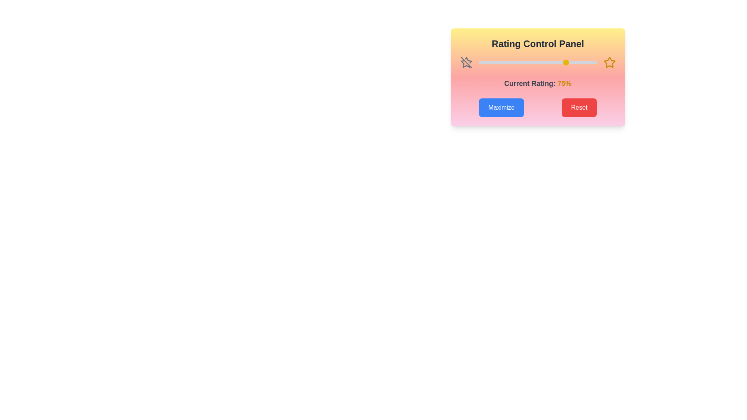  Describe the element at coordinates (501, 108) in the screenshot. I see `'Maximize' button to set the rating to 100%` at that location.